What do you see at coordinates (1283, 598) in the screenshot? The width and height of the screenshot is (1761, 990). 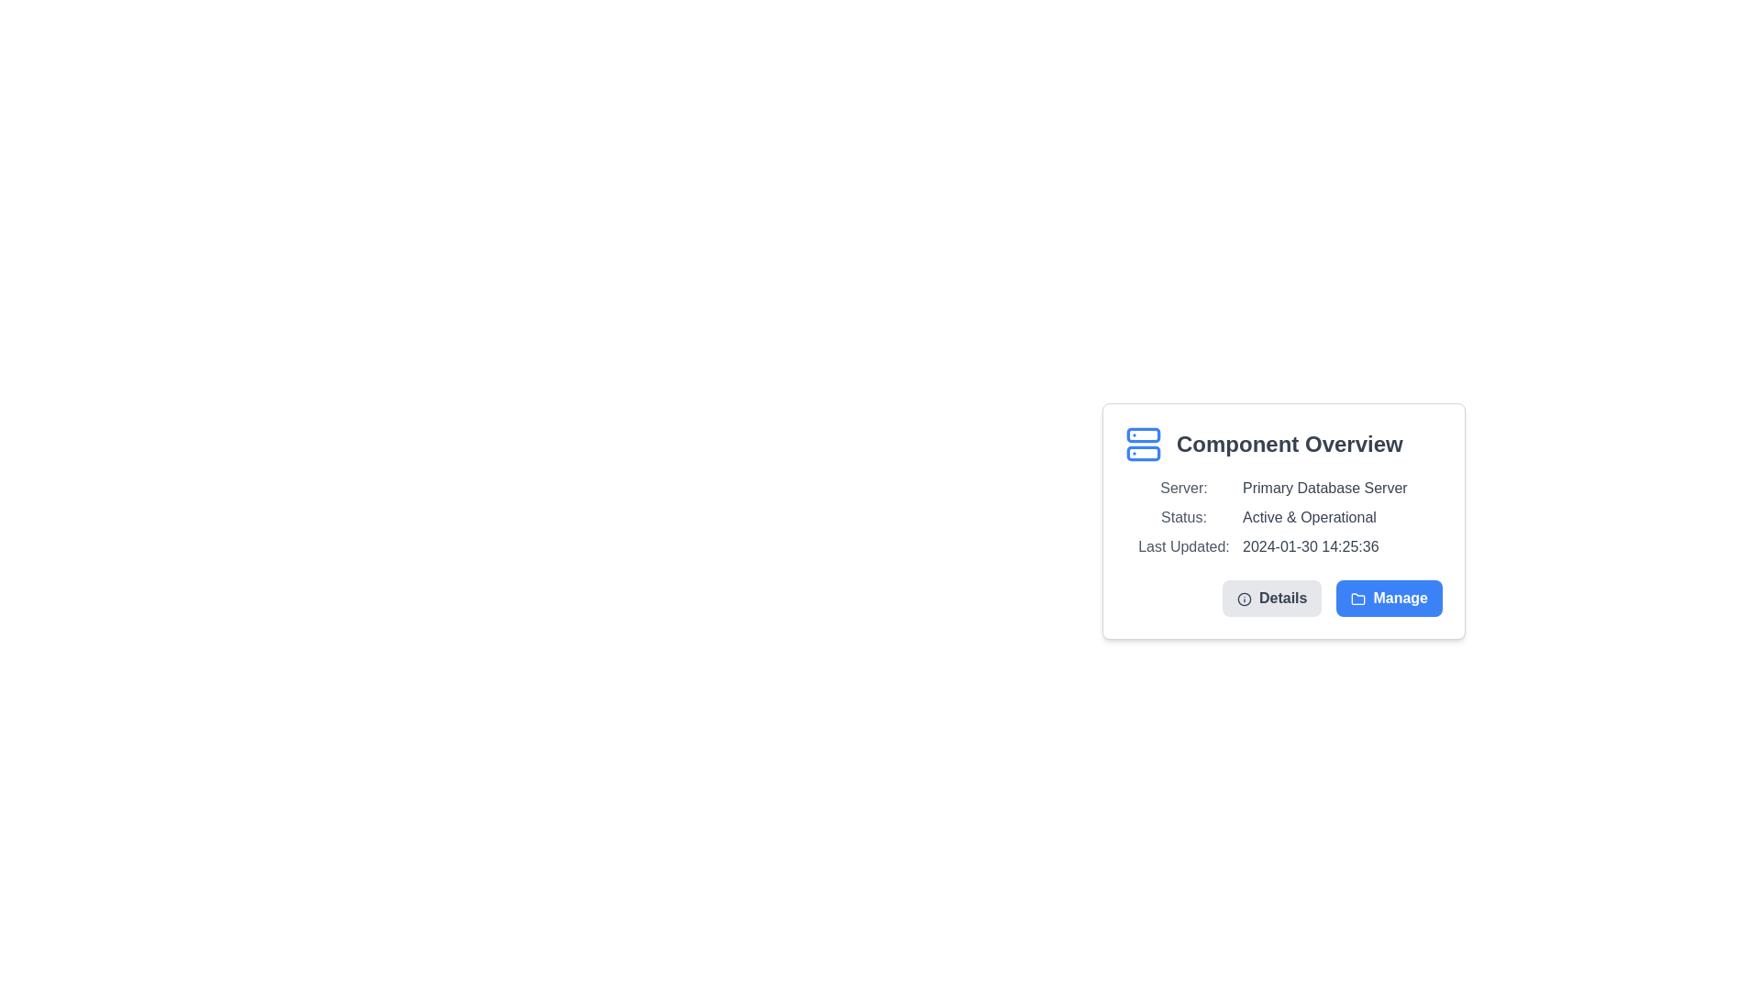 I see `the 'Details' button, which is a rectangular button with rounded corners, light gray background, and dark gray text, located in the bottom-right segment of the 'Component Overview' card` at bounding box center [1283, 598].